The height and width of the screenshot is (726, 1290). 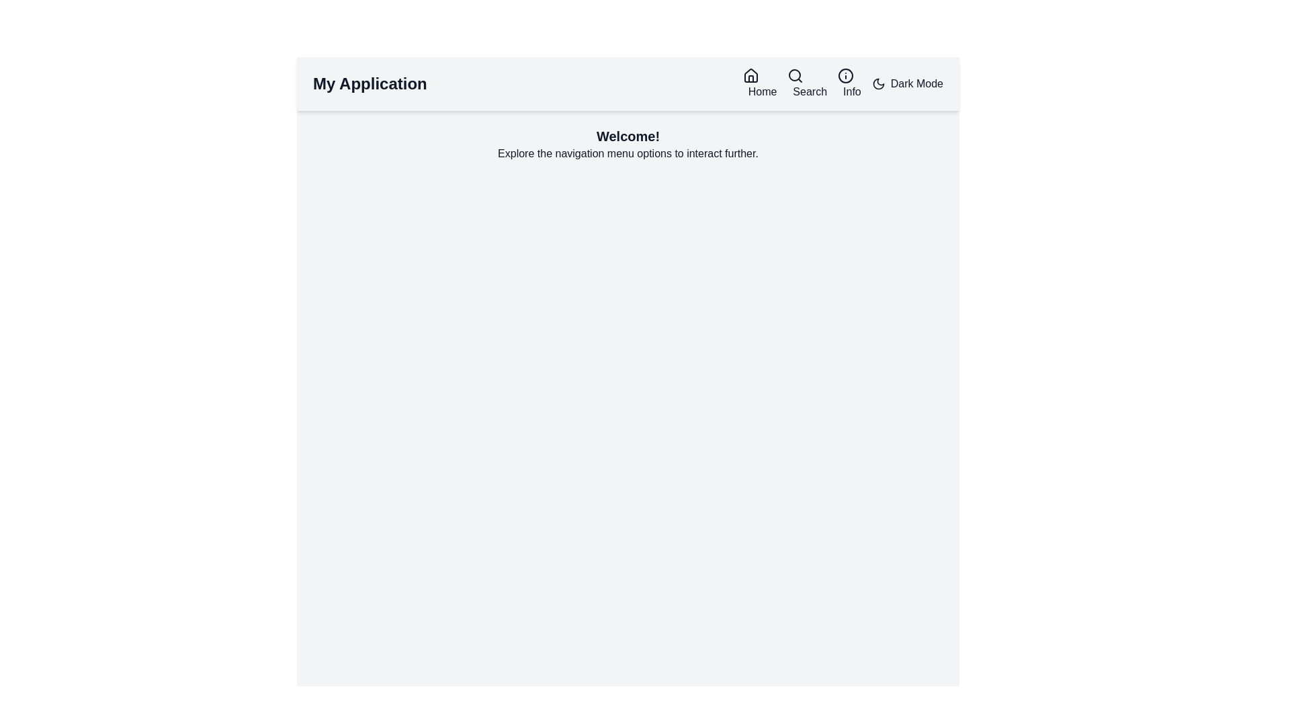 What do you see at coordinates (849, 83) in the screenshot?
I see `the informational button located in the third position of the horizontal navigation bar, which is right of the 'Search' item and left of the 'Dark Mode' item` at bounding box center [849, 83].